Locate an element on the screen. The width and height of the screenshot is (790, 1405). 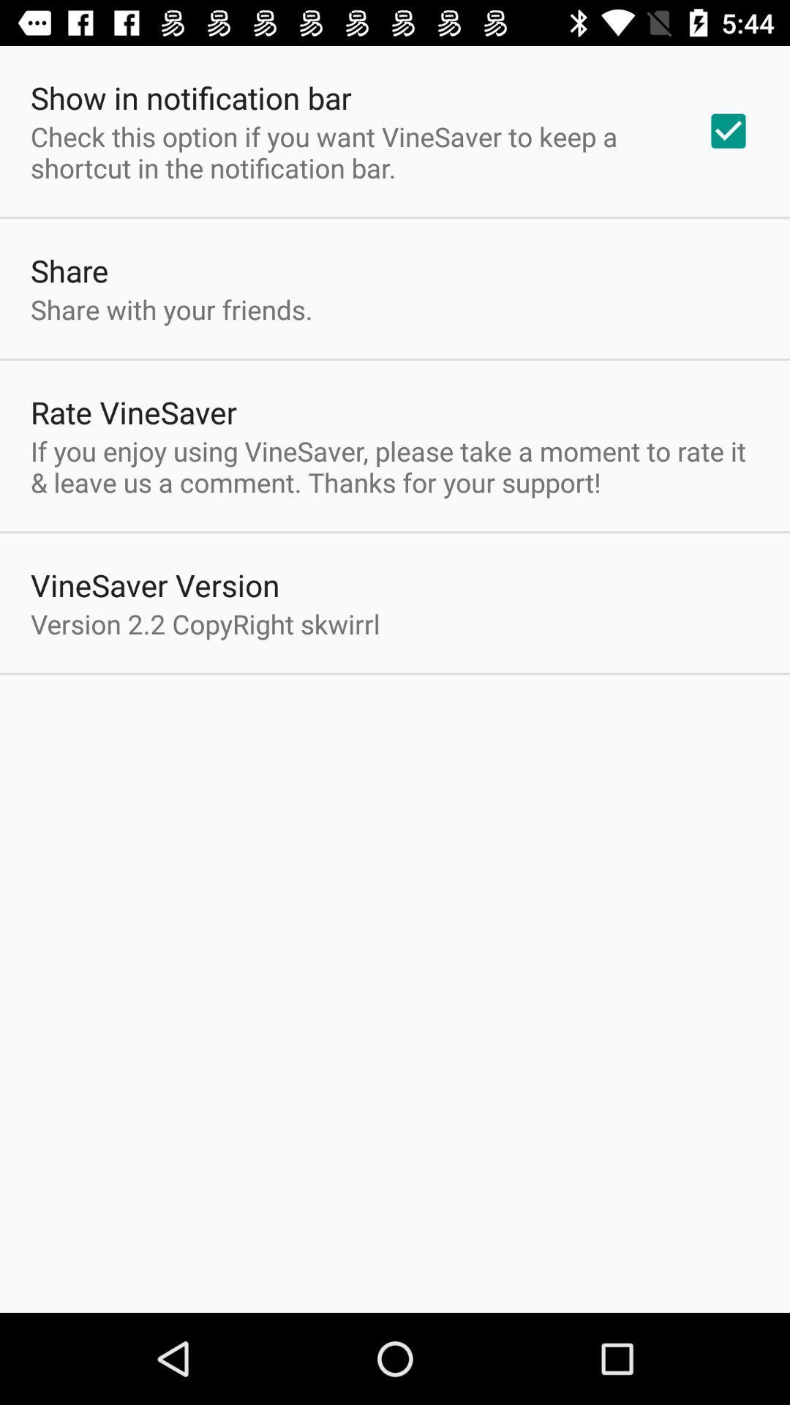
the app to the right of check this option is located at coordinates (728, 131).